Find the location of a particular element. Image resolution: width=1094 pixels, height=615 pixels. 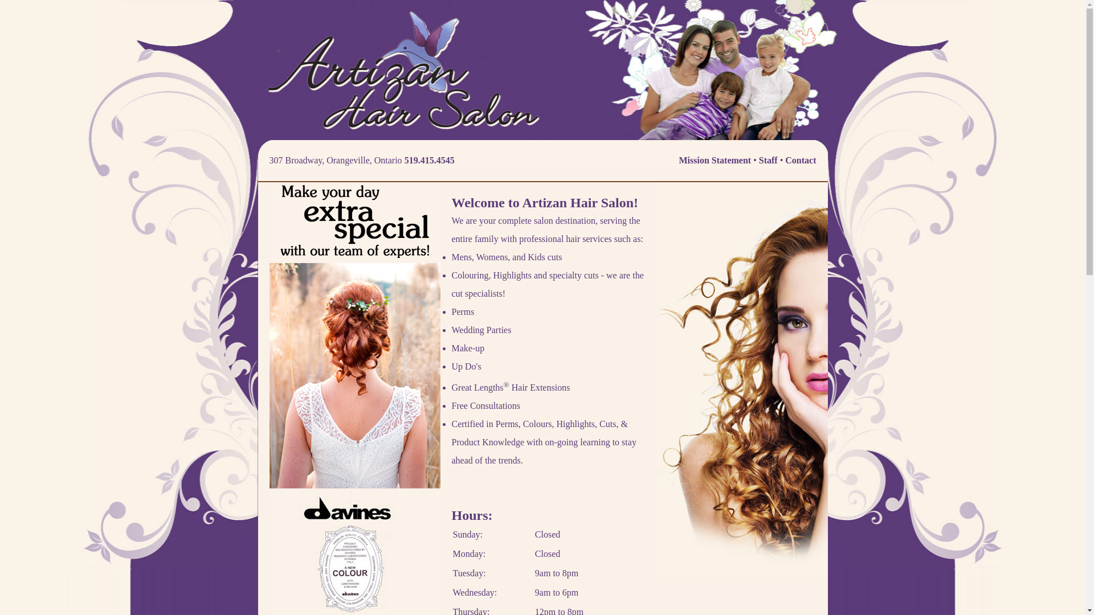

'Mission Statement' is located at coordinates (715, 160).